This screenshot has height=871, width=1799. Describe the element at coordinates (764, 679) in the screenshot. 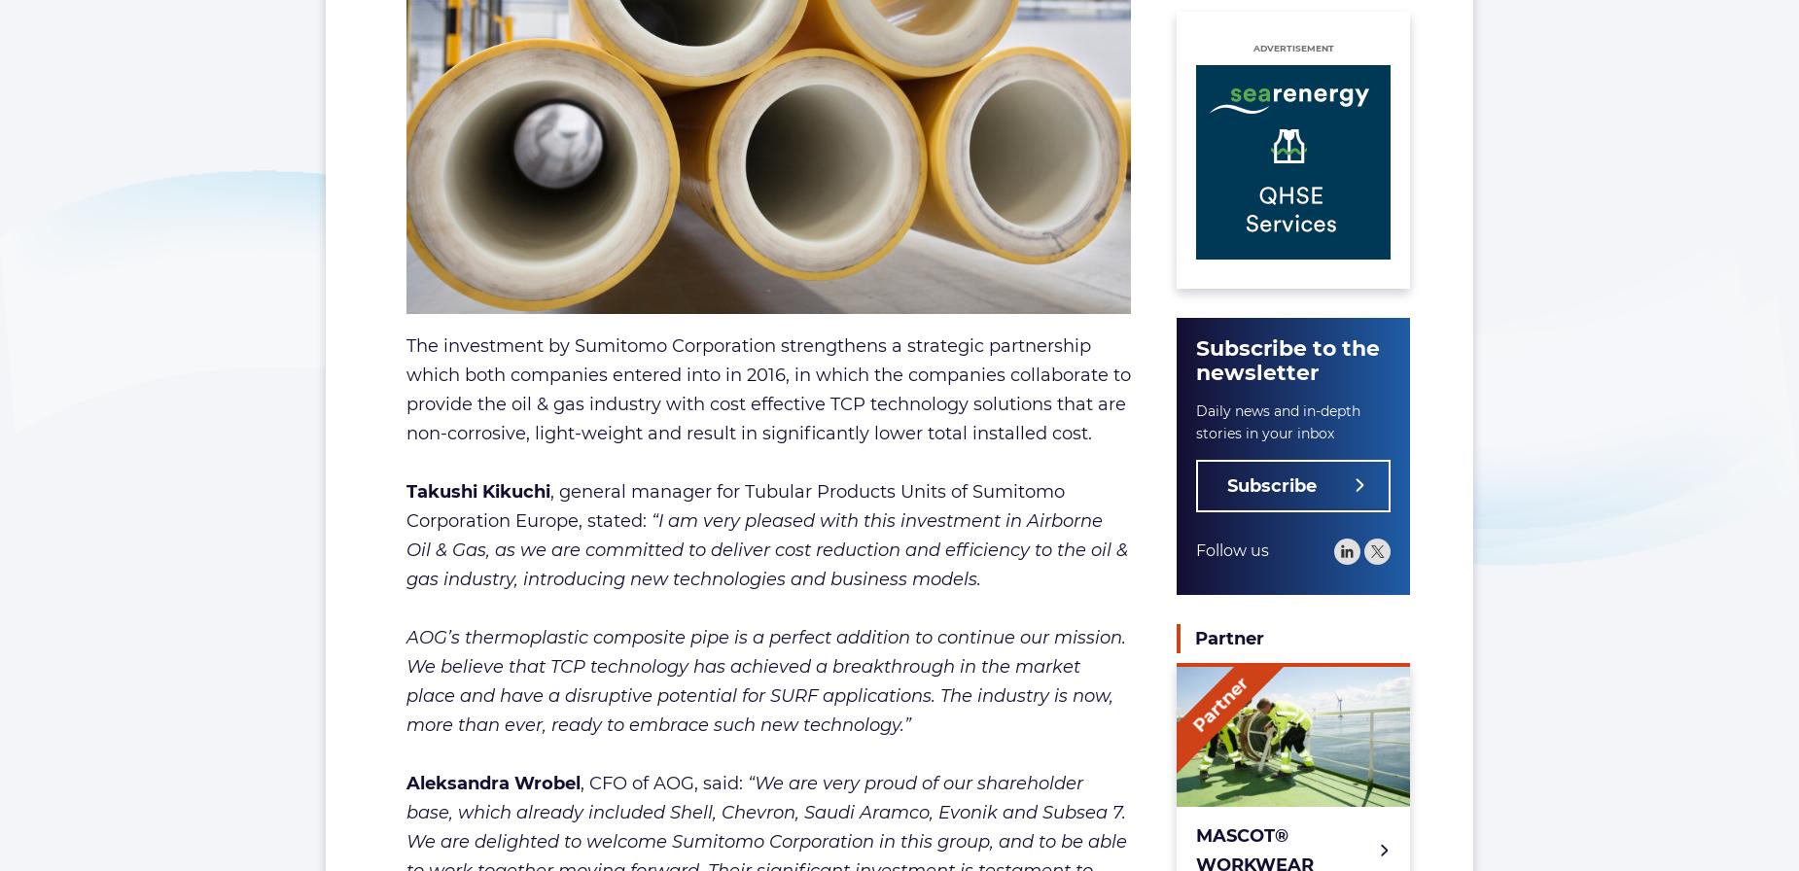

I see `'AOG’s thermoplastic composite pipe is a perfect addition to continue our mission. We believe that TCP technology has achieved a breakthrough in the market place and have a disruptive potential for SURF applications. The industry is now, more than ever, ready to embrace such new technology.”'` at that location.